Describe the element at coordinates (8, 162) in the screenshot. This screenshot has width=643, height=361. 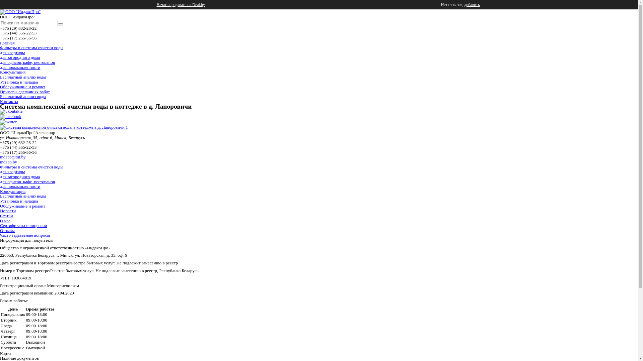
I see `'indaco.by'` at that location.